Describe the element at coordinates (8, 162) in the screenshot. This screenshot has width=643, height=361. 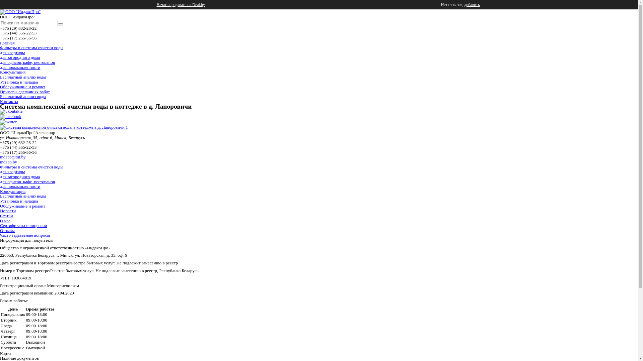
I see `'indaco.by'` at that location.